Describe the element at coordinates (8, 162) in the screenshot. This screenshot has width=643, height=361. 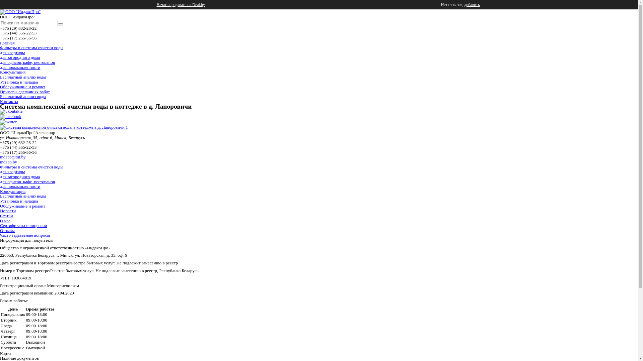
I see `'indaco.by'` at that location.